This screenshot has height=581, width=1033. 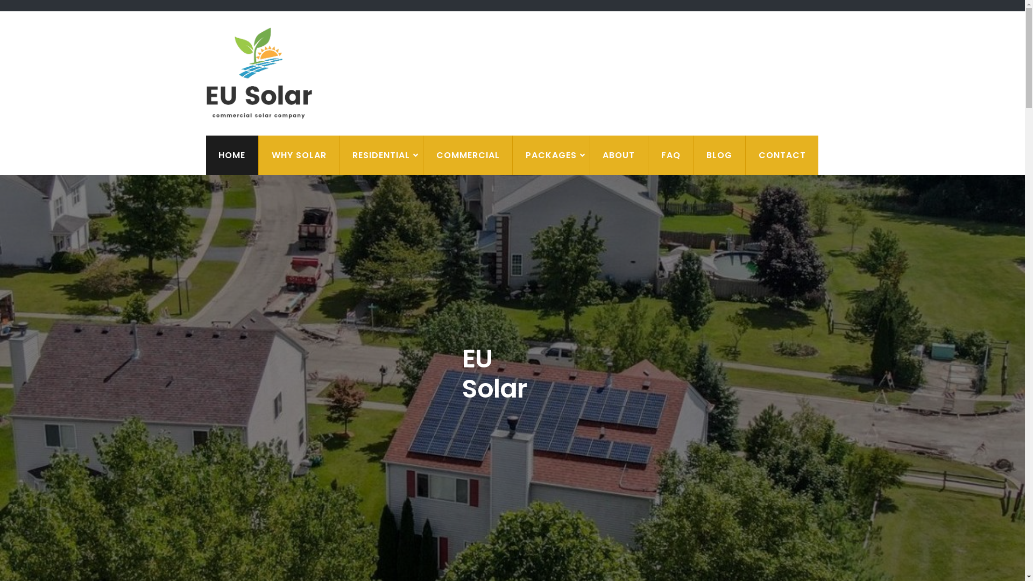 I want to click on 'CONTACT', so click(x=782, y=155).